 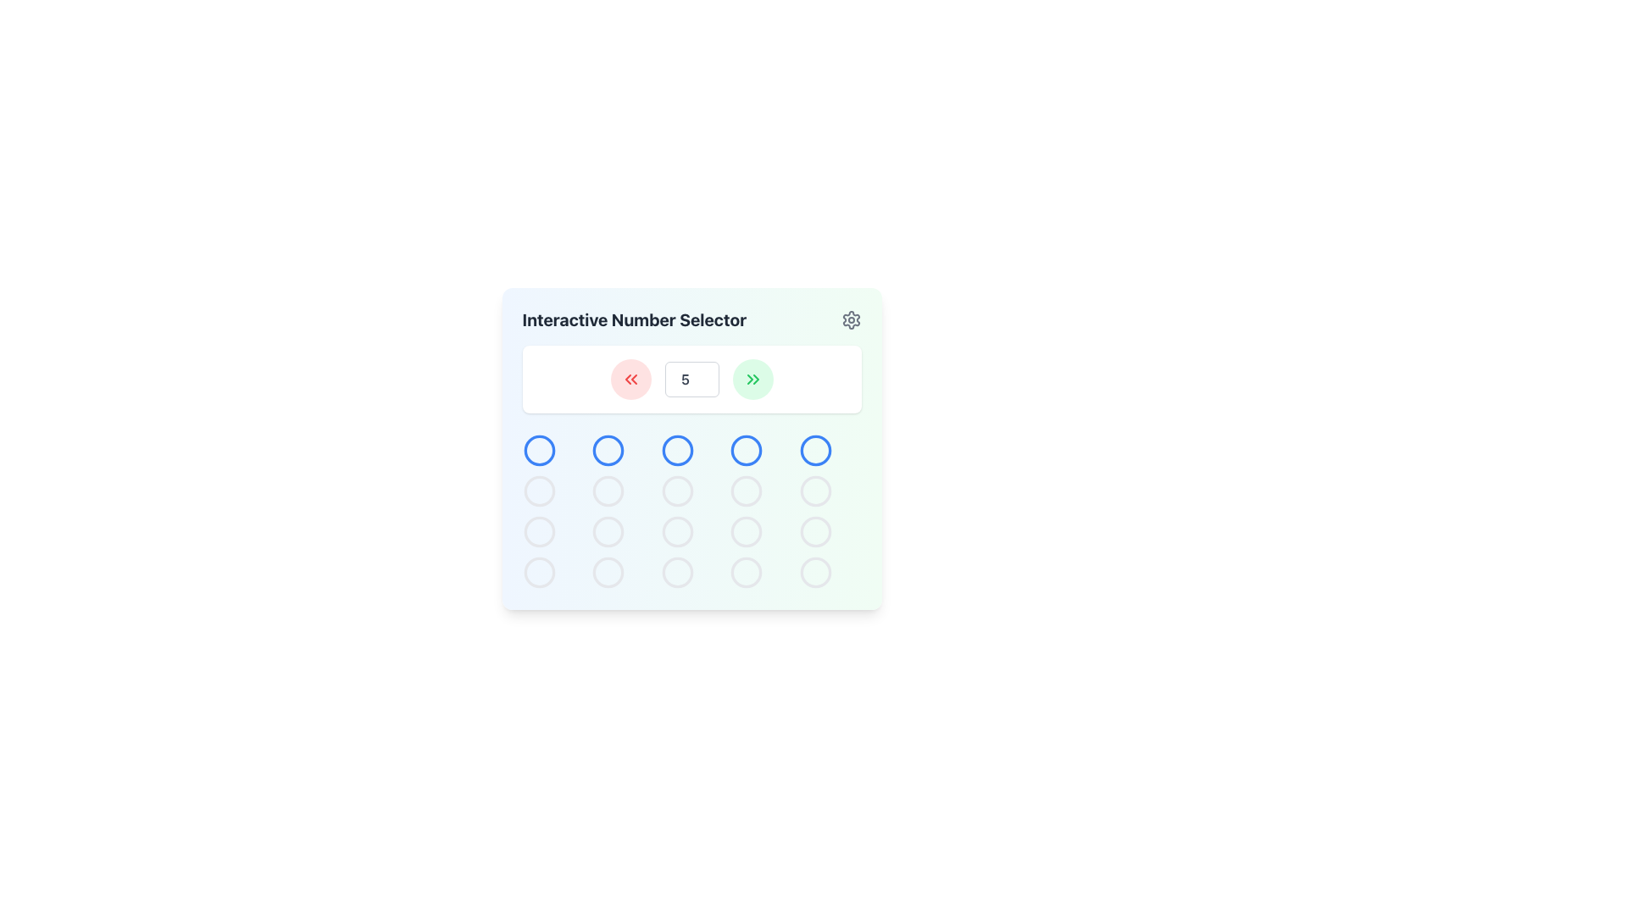 I want to click on the solid circular element located in the second row, third column of the 4x4 grid within the 'Interactive Number Selector' section, so click(x=676, y=491).